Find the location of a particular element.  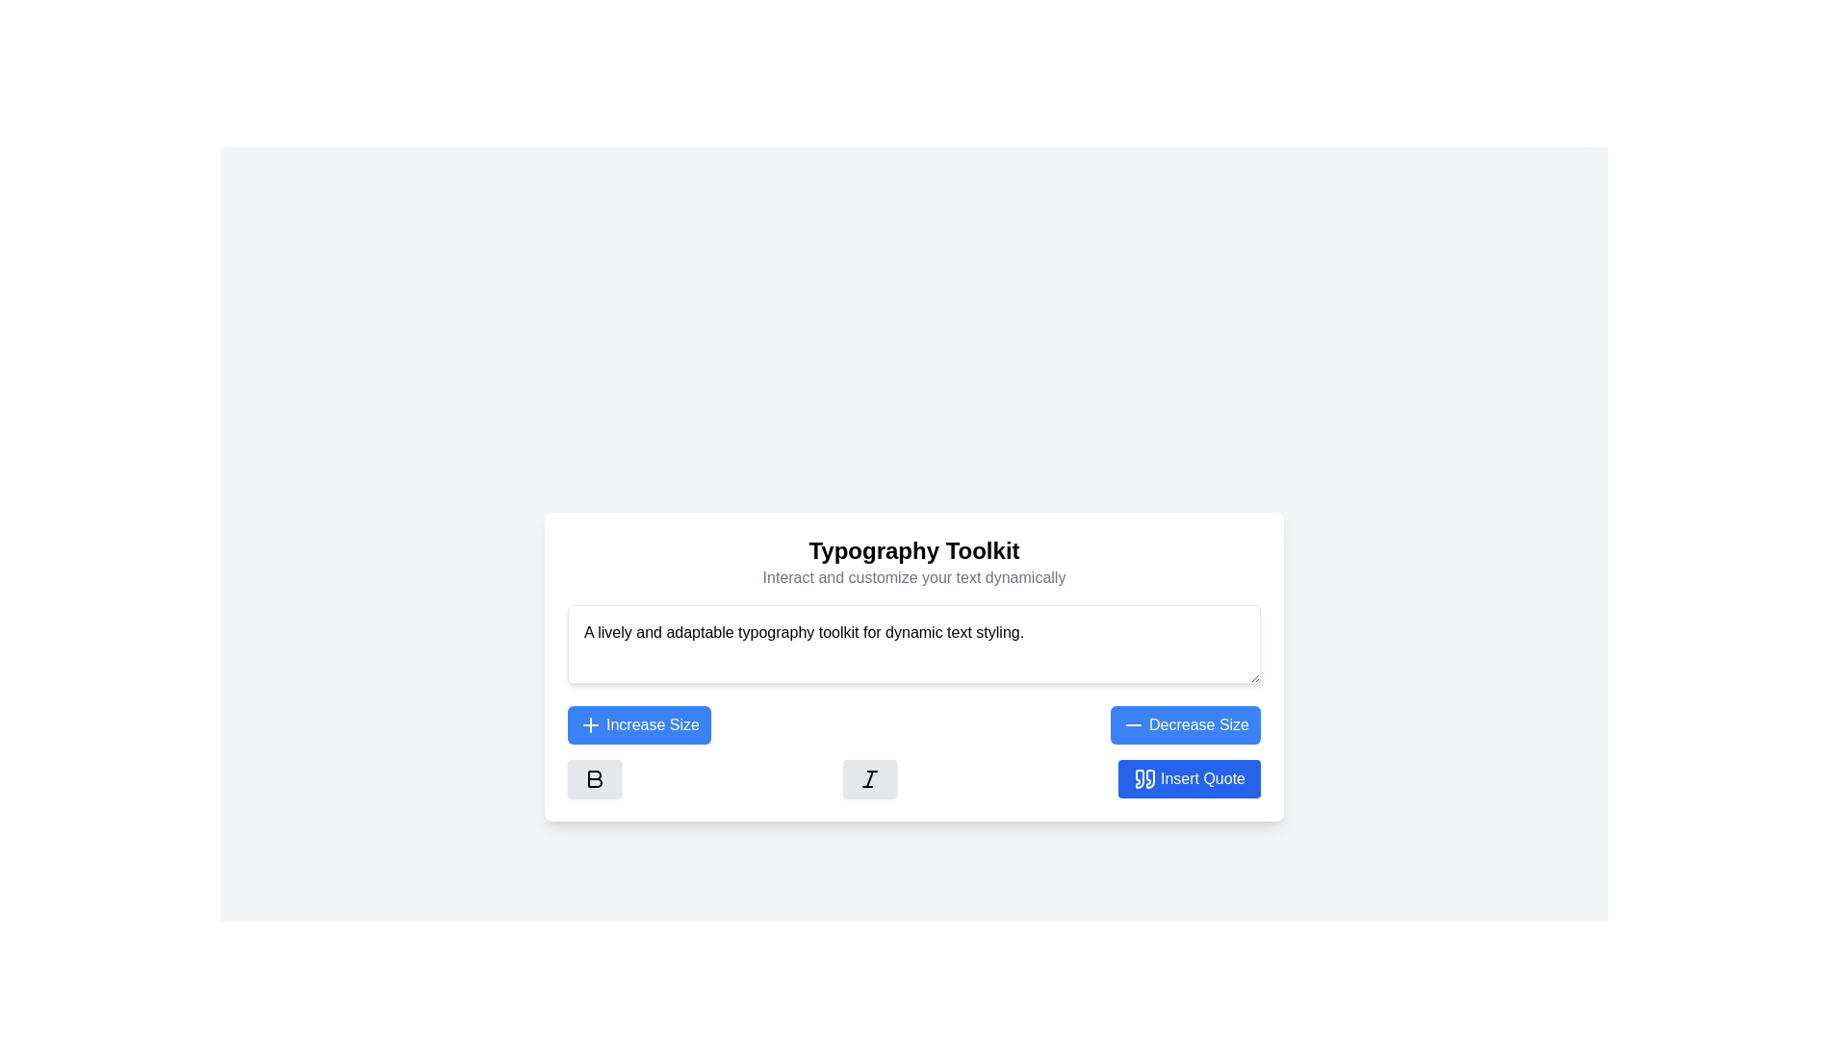

the Text label that provides additional information below the header 'Typography Toolkit' is located at coordinates (913, 576).